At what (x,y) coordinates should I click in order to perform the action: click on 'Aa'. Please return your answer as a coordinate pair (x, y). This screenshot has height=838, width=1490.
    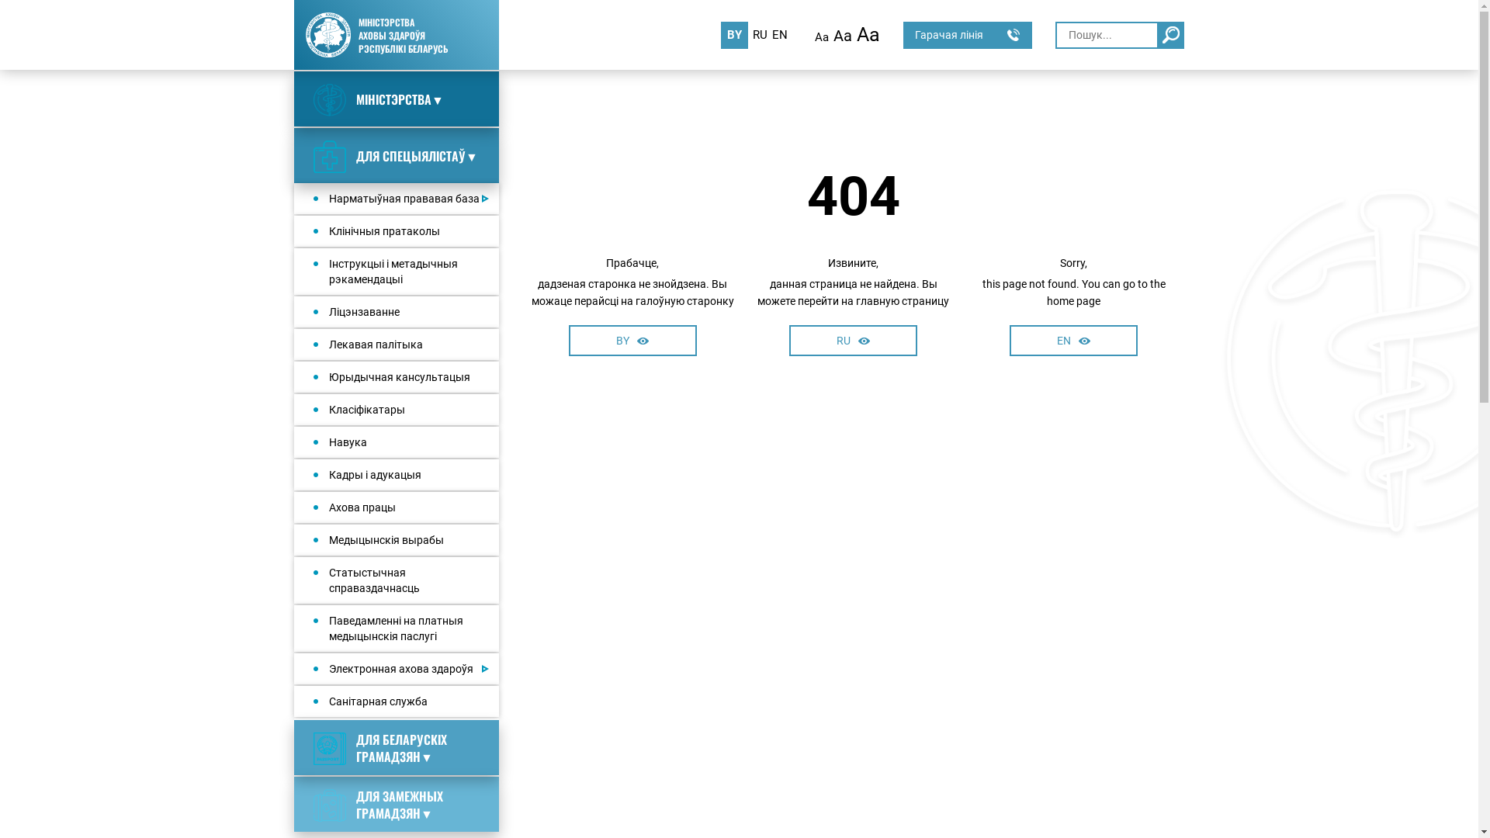
    Looking at the image, I should click on (841, 35).